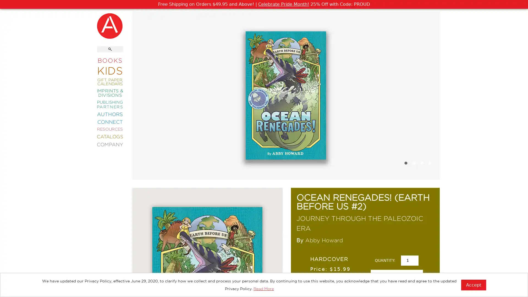 This screenshot has width=528, height=297. I want to click on IMPRINTS & DIVISIONS, so click(110, 92).